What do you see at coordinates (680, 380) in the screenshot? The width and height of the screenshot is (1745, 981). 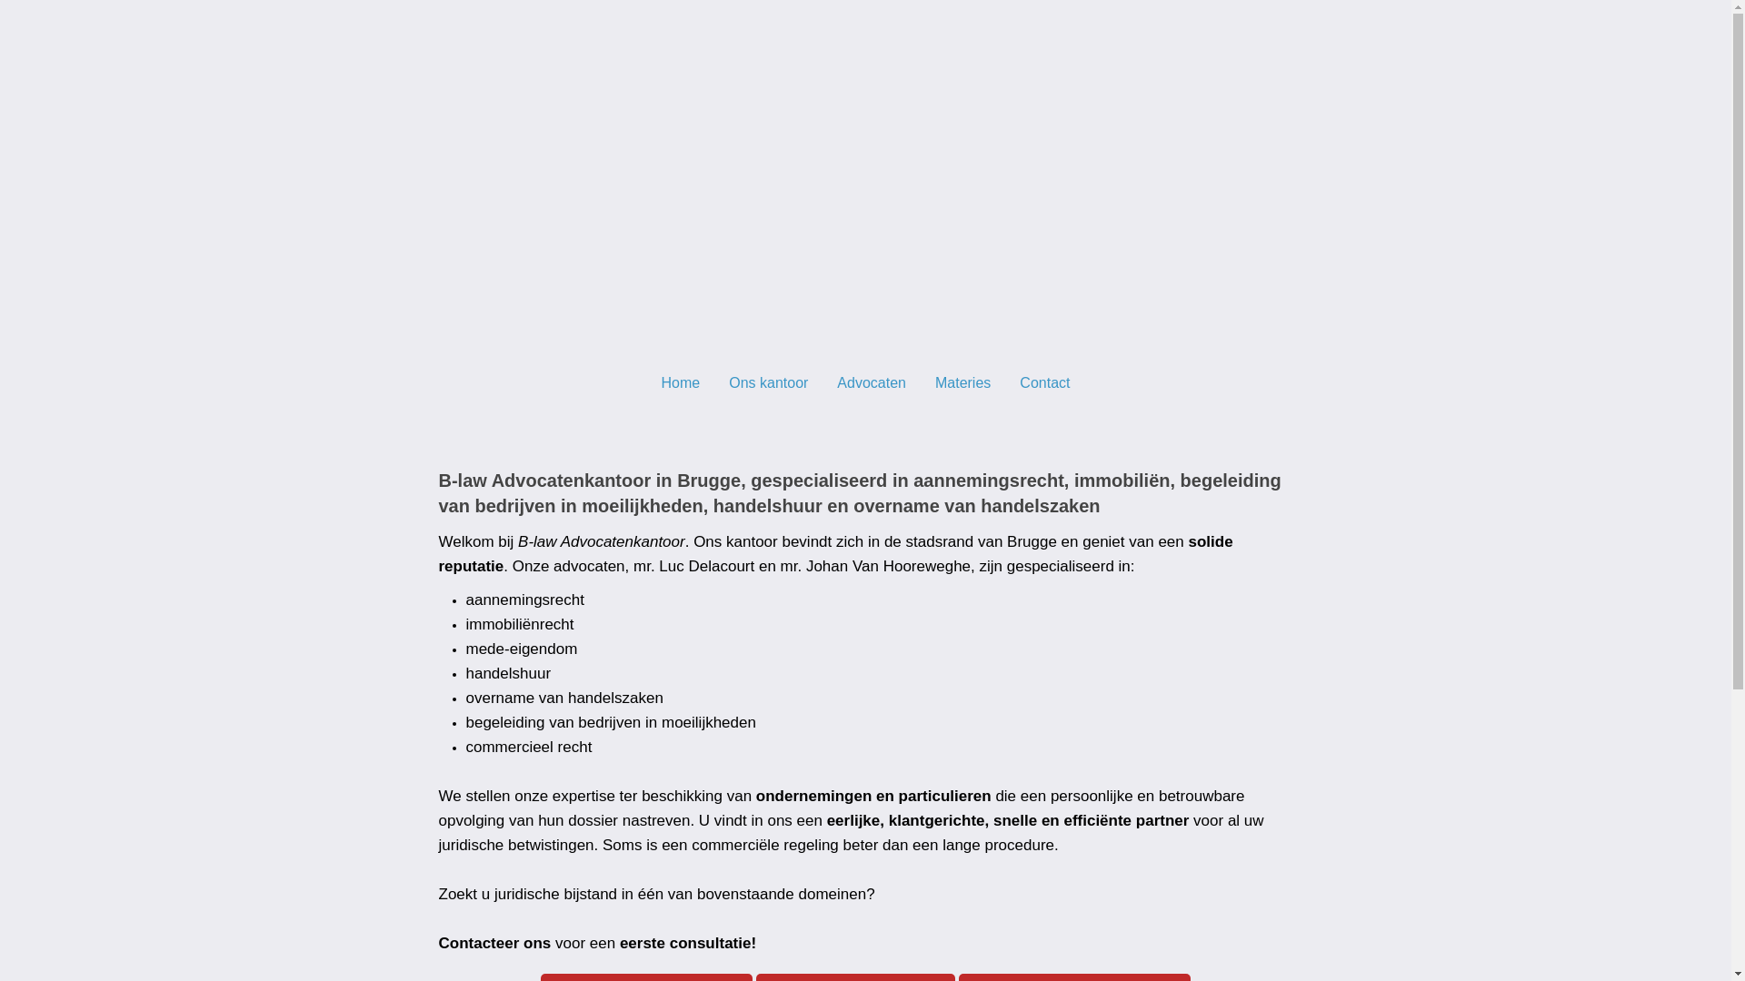 I see `'Home'` at bounding box center [680, 380].